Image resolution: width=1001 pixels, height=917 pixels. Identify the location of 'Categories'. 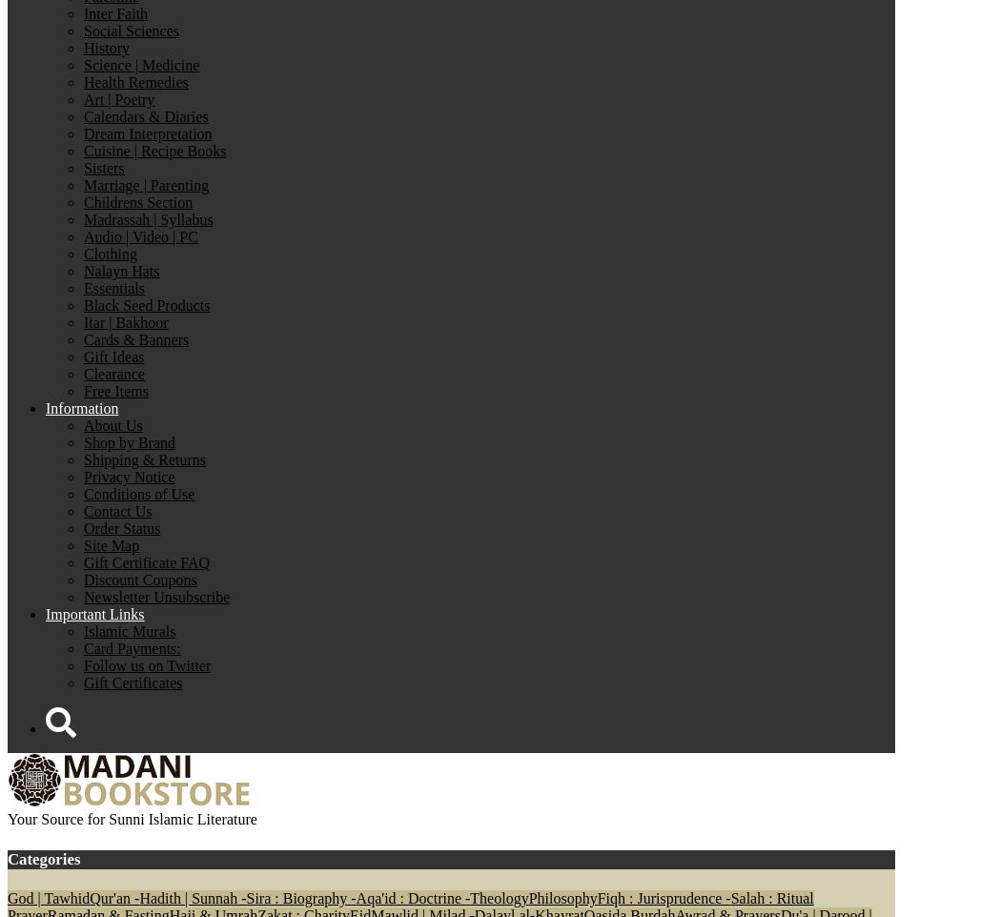
(7, 857).